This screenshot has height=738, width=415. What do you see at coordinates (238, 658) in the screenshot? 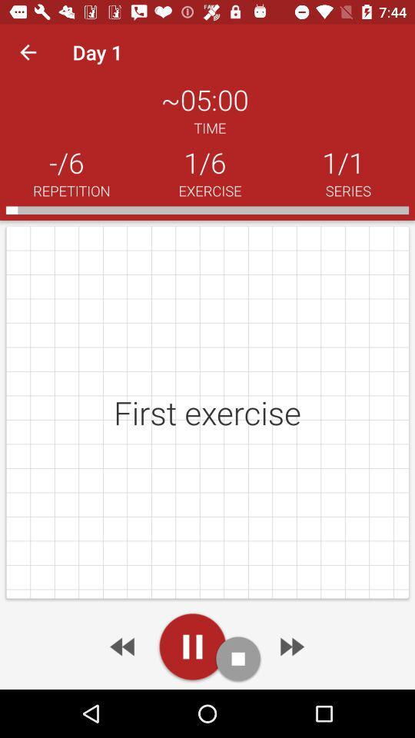
I see `stop option` at bounding box center [238, 658].